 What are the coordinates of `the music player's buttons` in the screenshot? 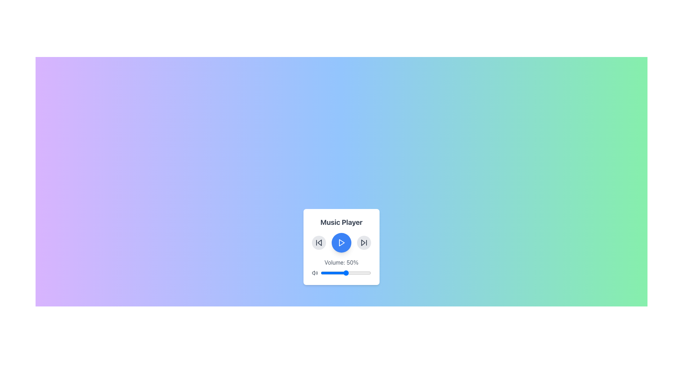 It's located at (341, 247).